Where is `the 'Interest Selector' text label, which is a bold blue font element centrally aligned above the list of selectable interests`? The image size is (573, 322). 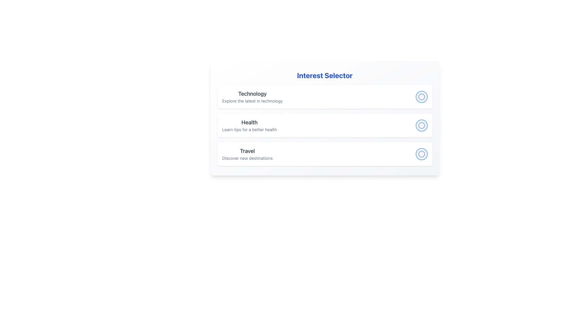 the 'Interest Selector' text label, which is a bold blue font element centrally aligned above the list of selectable interests is located at coordinates (324, 75).